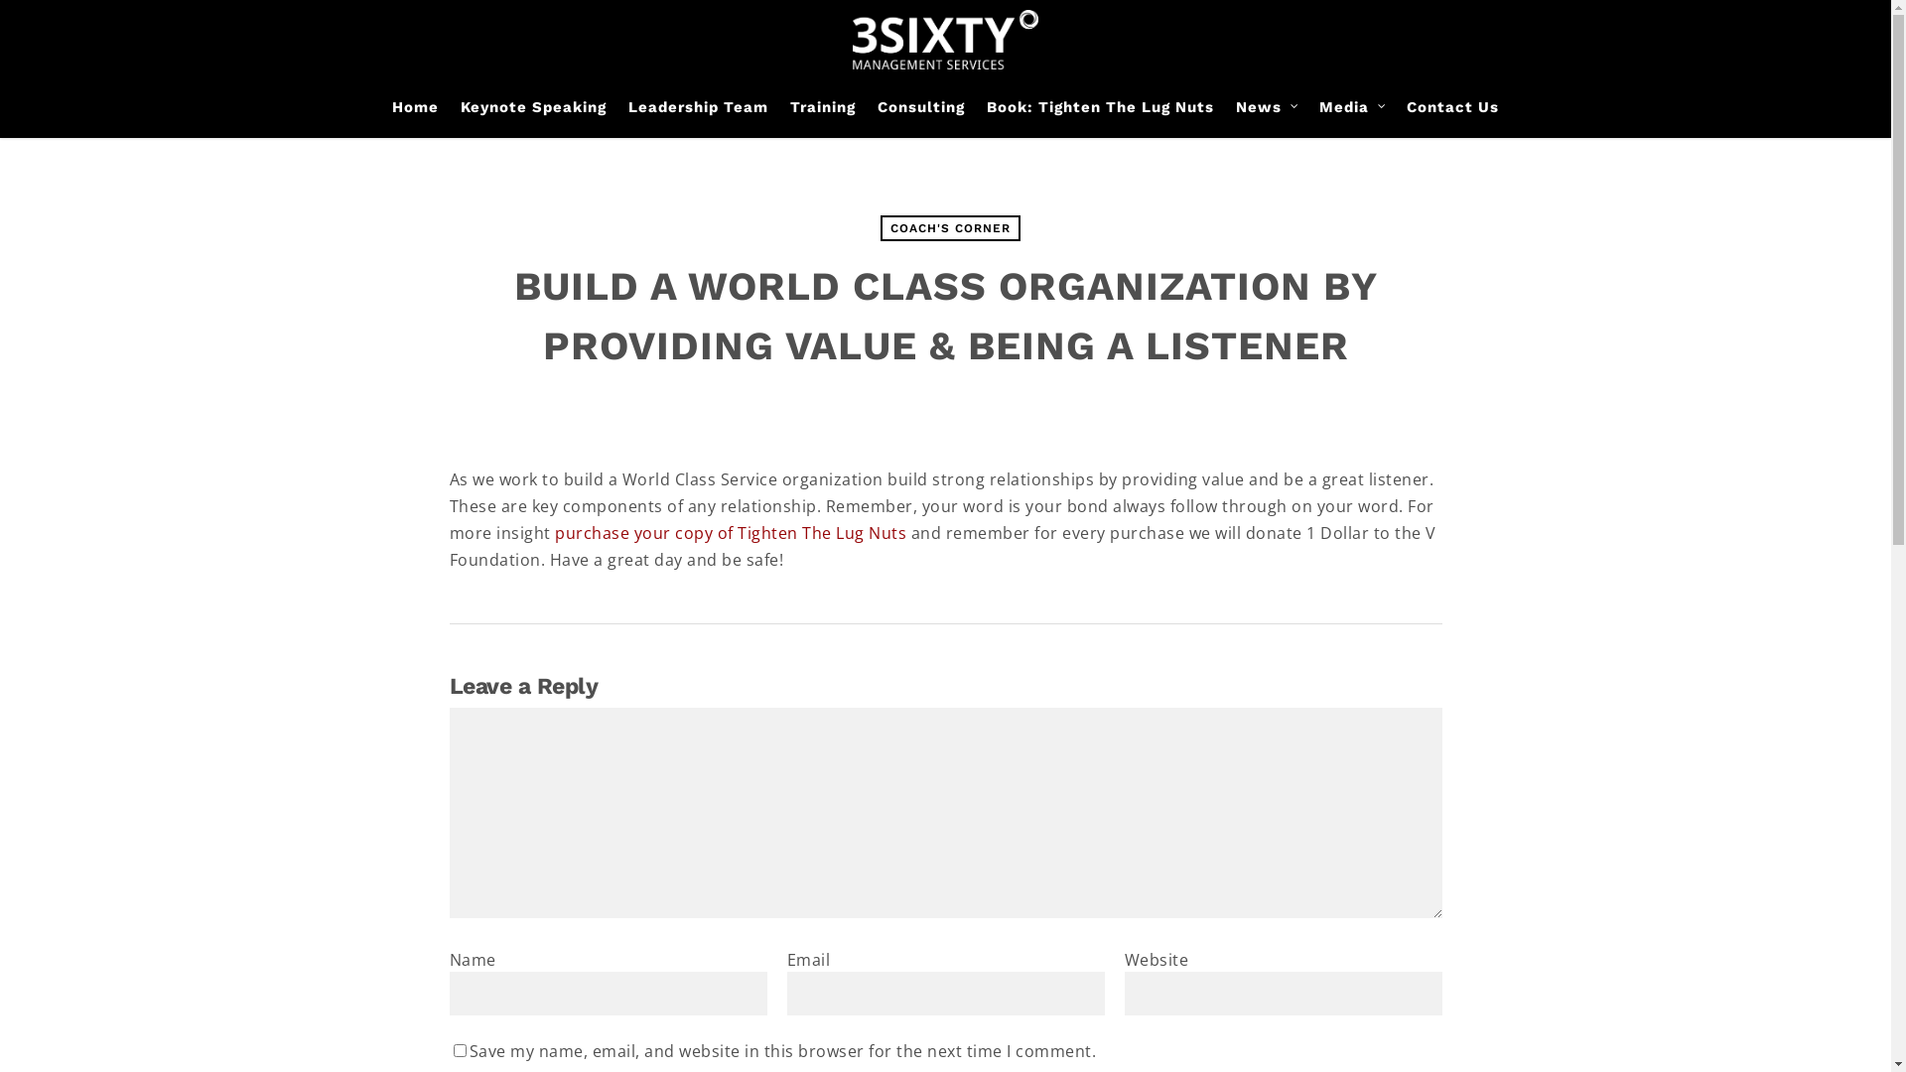 The width and height of the screenshot is (1906, 1072). I want to click on 'COACH'S CORNER', so click(948, 227).